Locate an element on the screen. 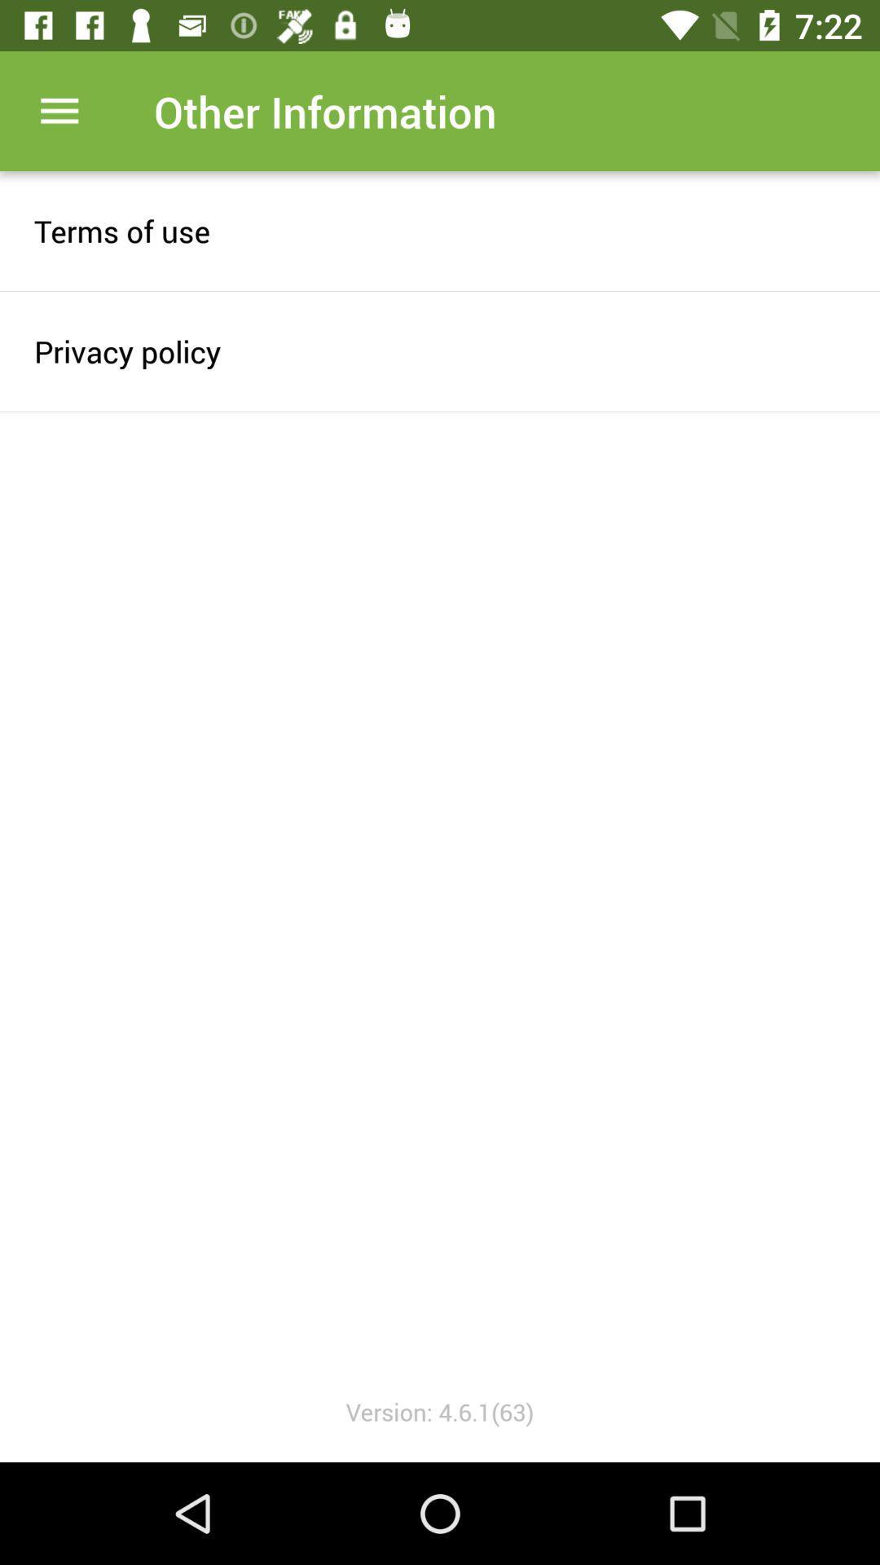 The width and height of the screenshot is (880, 1565). terms of use is located at coordinates (440, 230).